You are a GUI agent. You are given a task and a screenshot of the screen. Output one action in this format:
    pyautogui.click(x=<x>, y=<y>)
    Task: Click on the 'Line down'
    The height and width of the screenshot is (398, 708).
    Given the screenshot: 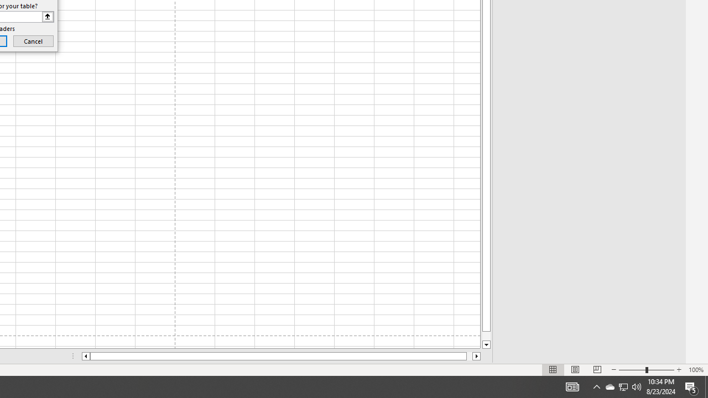 What is the action you would take?
    pyautogui.click(x=486, y=344)
    